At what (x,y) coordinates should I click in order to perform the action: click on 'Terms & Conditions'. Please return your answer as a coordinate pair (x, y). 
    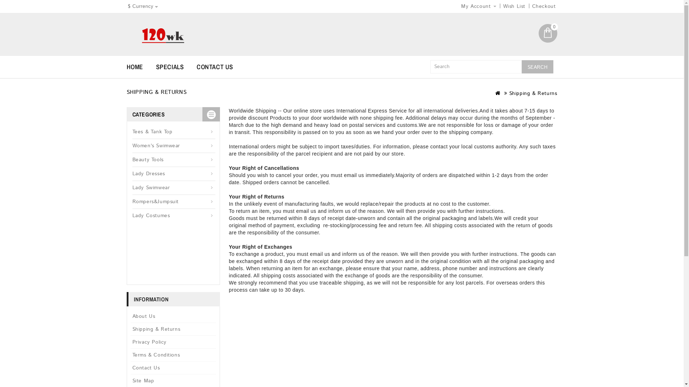
    Looking at the image, I should click on (173, 355).